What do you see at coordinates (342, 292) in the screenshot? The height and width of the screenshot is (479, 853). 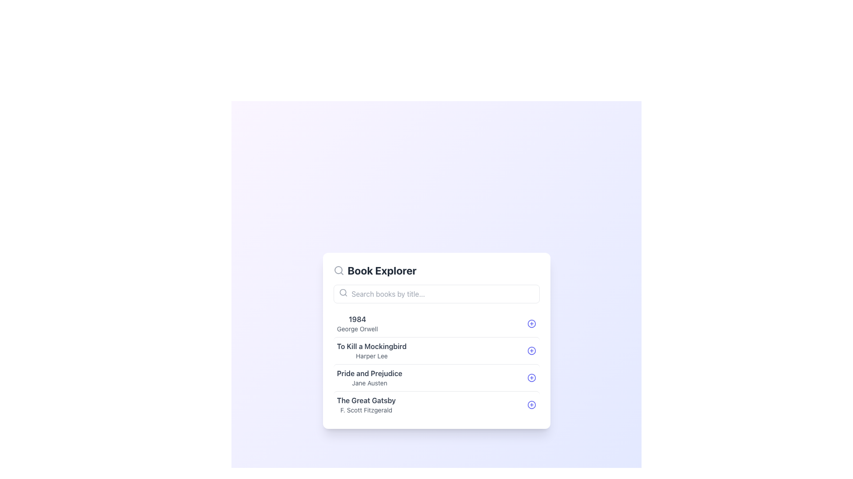 I see `the circular icon component of the search icon located at the top-left corner of the search input field below the 'Book Explorer' heading` at bounding box center [342, 292].